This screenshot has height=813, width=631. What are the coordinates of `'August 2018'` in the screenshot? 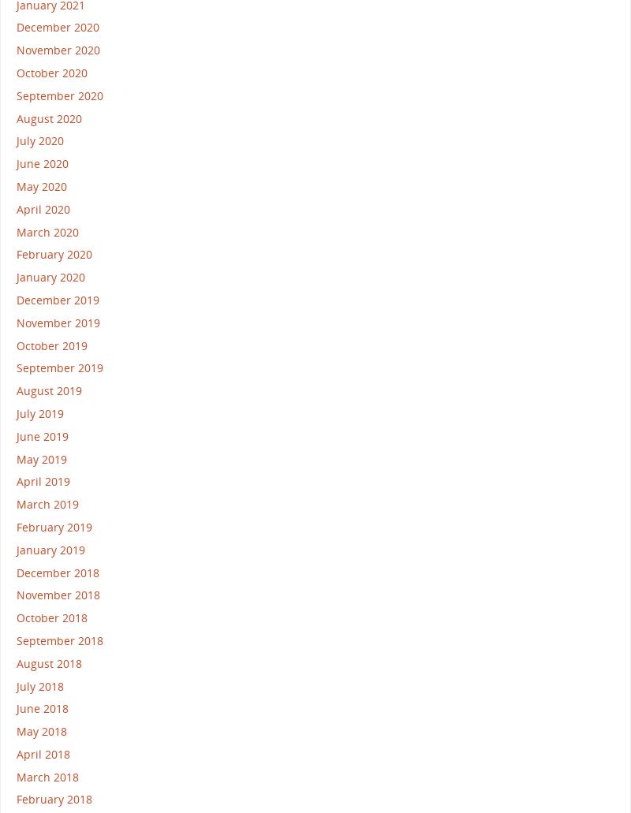 It's located at (48, 662).